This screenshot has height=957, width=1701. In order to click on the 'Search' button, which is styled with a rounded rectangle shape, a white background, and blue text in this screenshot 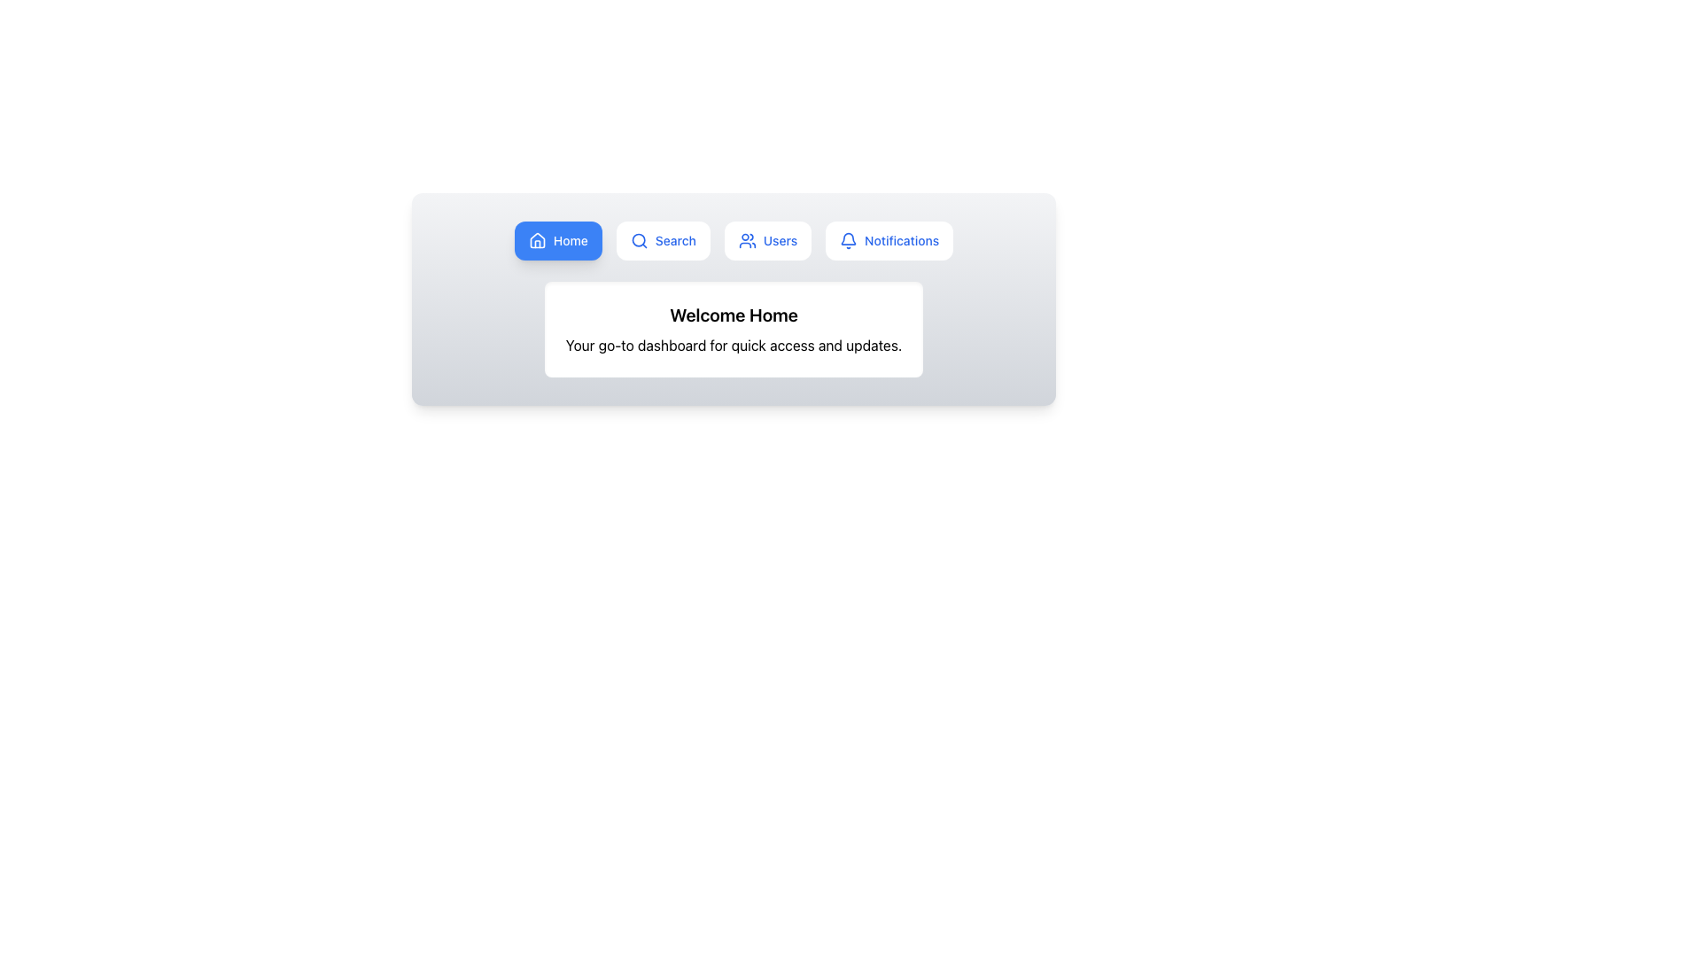, I will do `click(662, 241)`.